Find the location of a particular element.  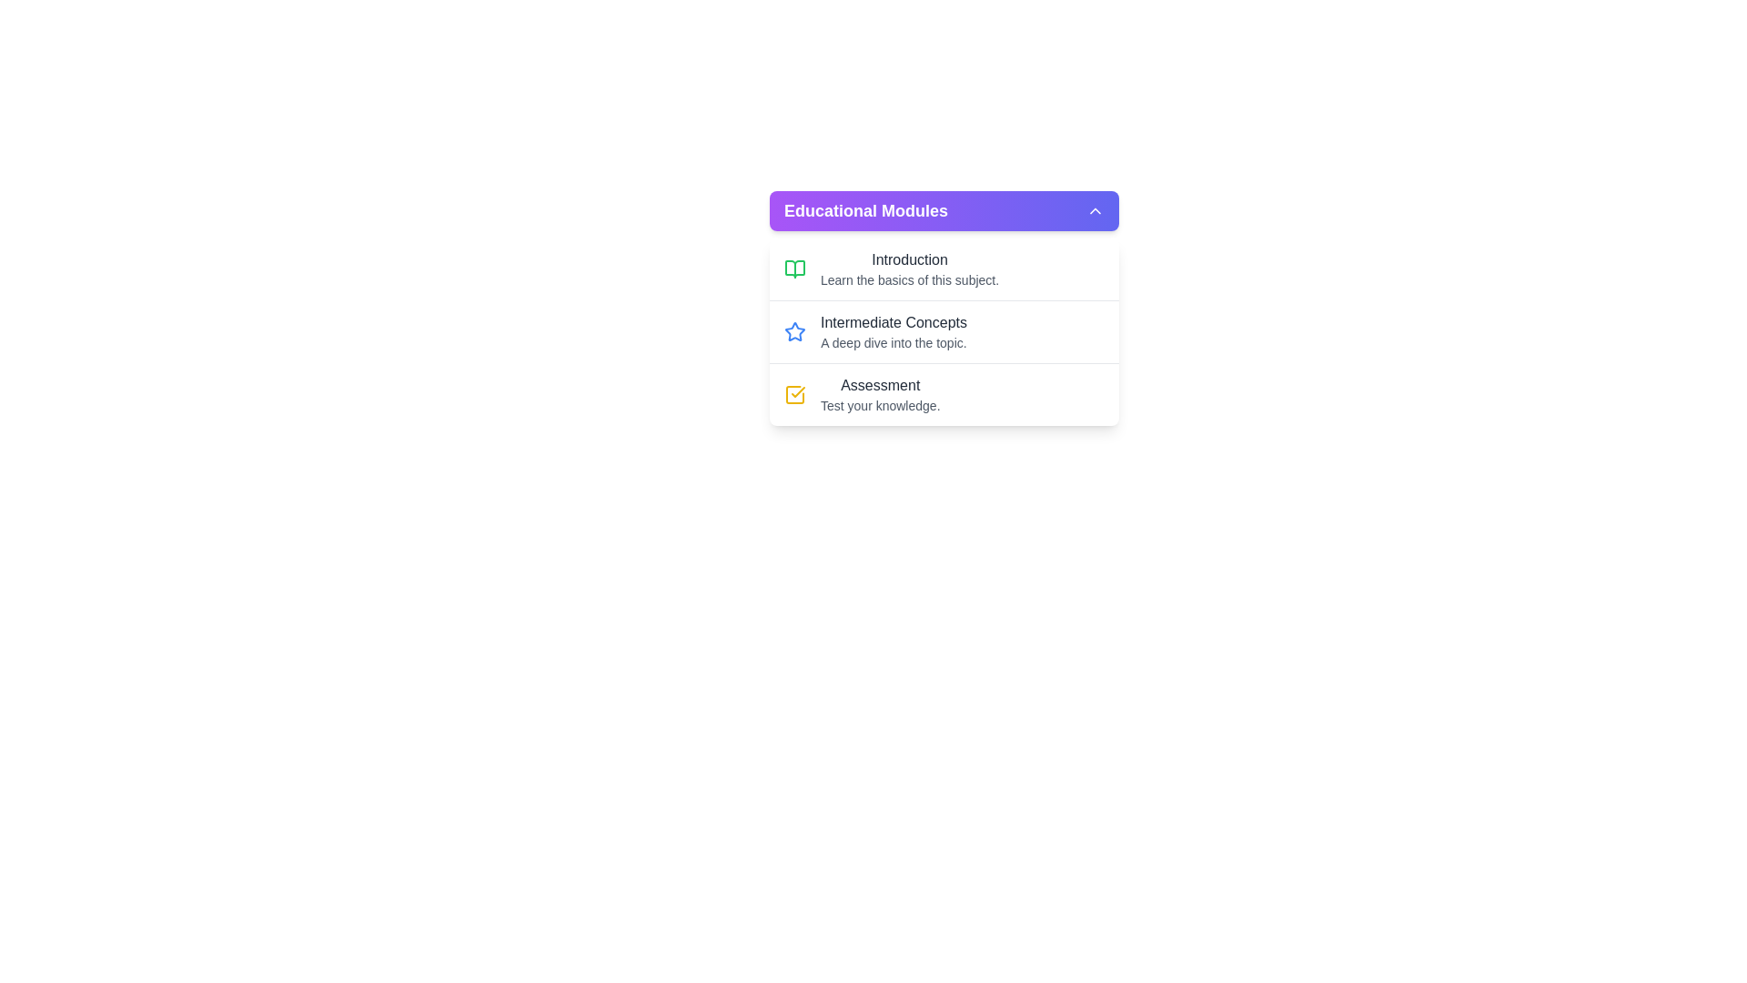

information displayed in the label titled 'Intermediate Concepts' with the subtitle 'A deep dive into the topic.' located in the second position of the Educational Modules section is located at coordinates (894, 332).